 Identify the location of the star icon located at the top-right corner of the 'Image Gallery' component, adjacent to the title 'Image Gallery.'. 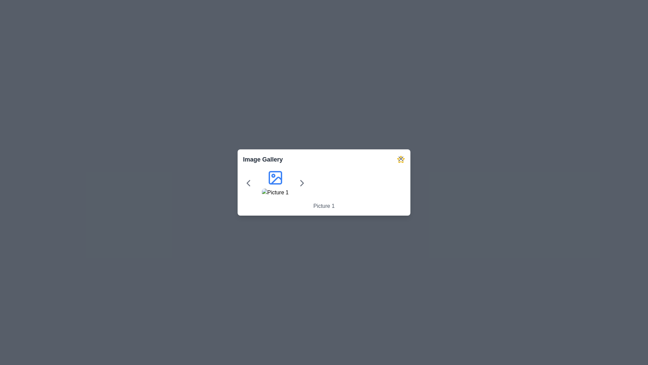
(401, 159).